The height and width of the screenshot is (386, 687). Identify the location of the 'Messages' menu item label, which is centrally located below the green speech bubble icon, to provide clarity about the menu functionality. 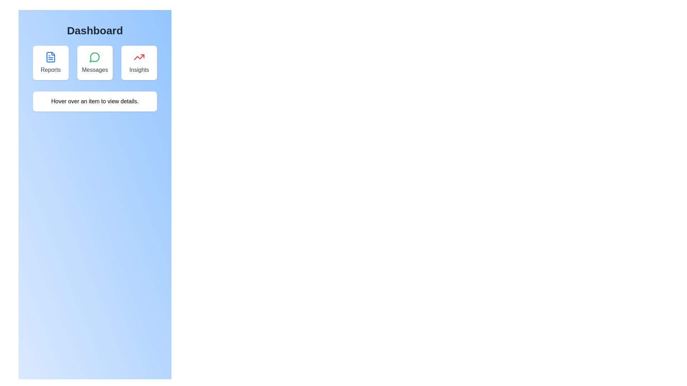
(94, 70).